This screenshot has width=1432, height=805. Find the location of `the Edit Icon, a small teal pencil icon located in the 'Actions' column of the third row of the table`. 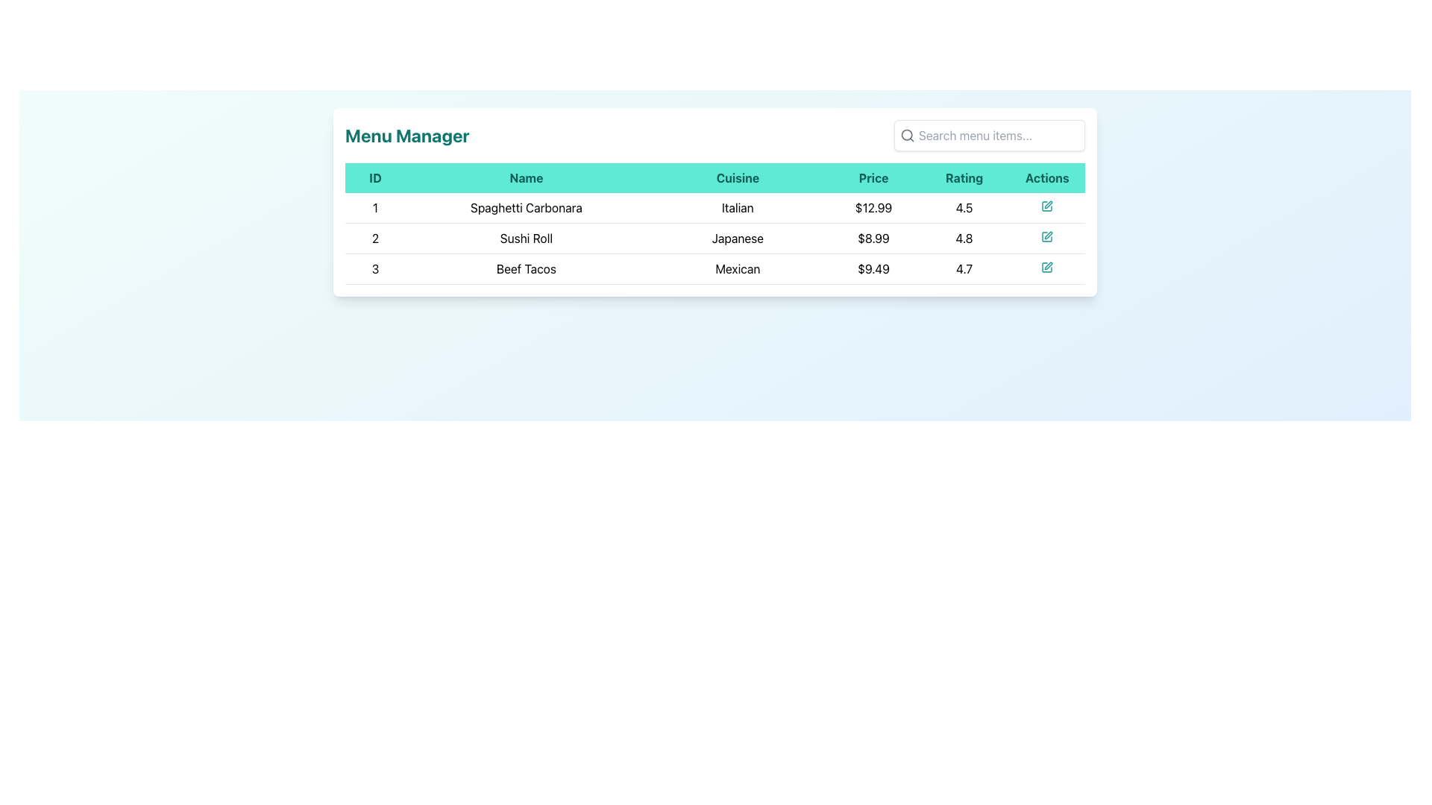

the Edit Icon, a small teal pencil icon located in the 'Actions' column of the third row of the table is located at coordinates (1046, 269).